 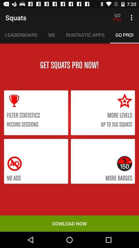 I want to click on item above the get squats pro, so click(x=52, y=35).